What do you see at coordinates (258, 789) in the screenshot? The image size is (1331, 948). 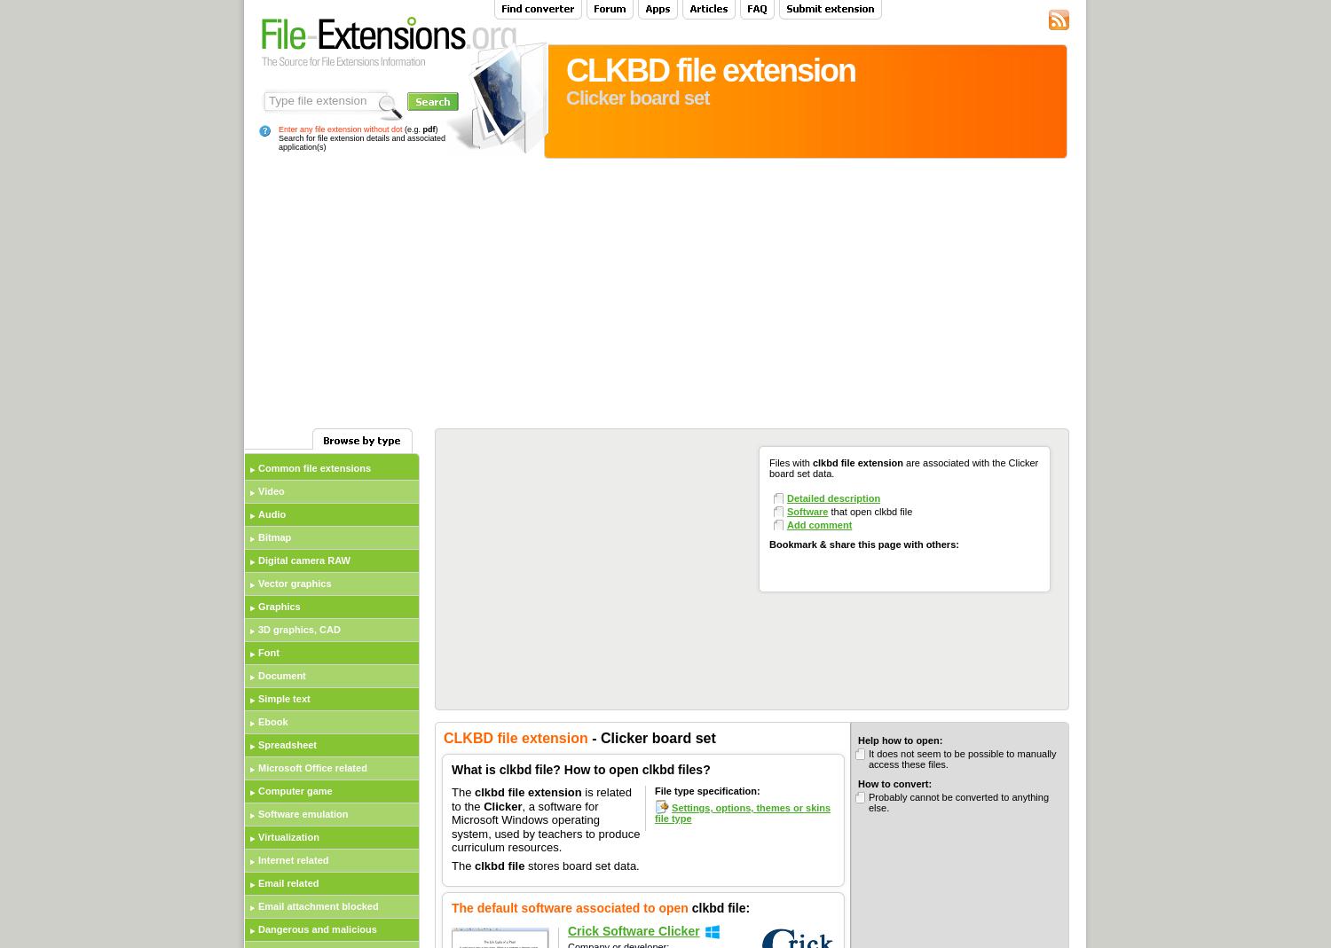 I see `'Computer game'` at bounding box center [258, 789].